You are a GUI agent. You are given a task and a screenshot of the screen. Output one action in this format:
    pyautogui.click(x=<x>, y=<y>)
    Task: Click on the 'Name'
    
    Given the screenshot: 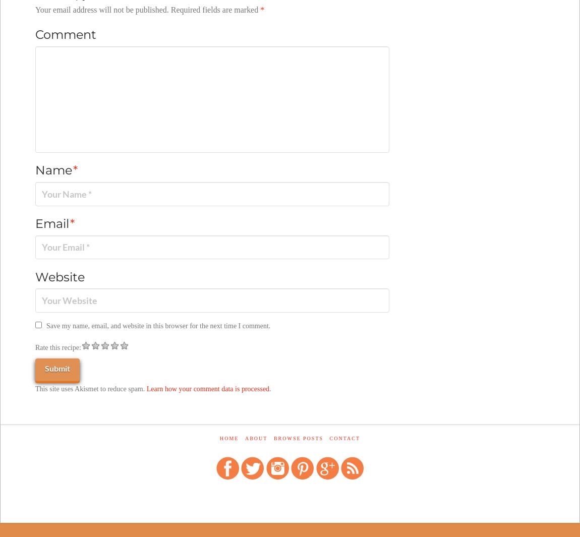 What is the action you would take?
    pyautogui.click(x=54, y=169)
    